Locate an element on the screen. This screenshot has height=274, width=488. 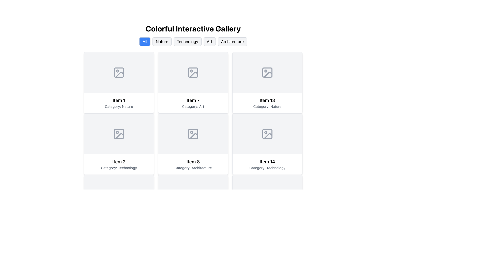
the decorative graphical UI component that is a small light gray rectangle with rounded corners, part of the icon labeled 'Item 7 - Category: Art' is located at coordinates (193, 72).